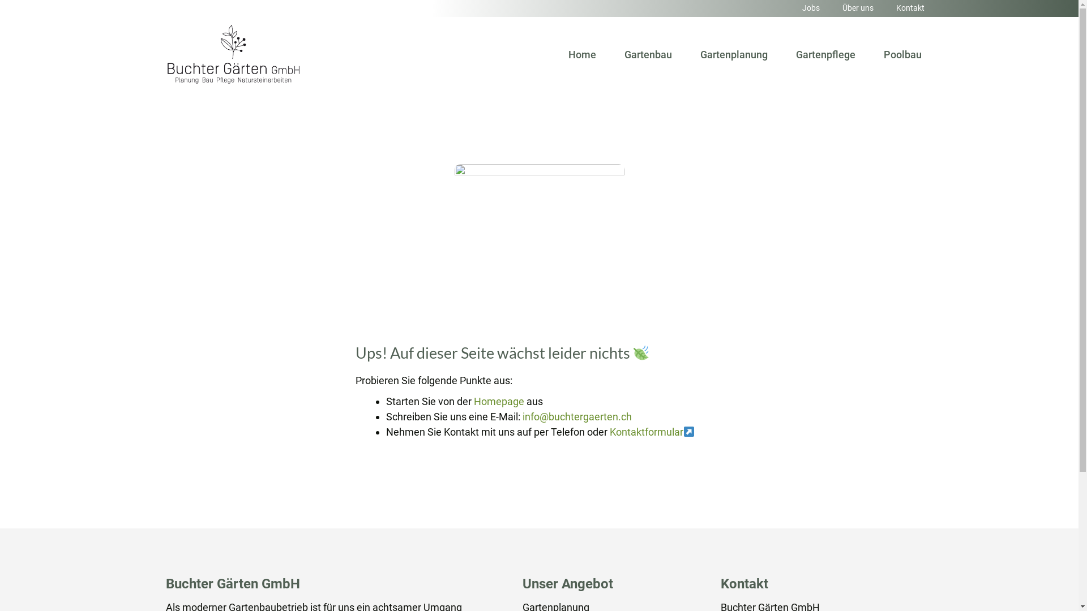  I want to click on 'Kontaktformular', so click(646, 432).